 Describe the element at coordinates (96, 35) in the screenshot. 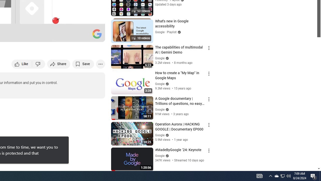

I see `'Full screen (f)'` at that location.